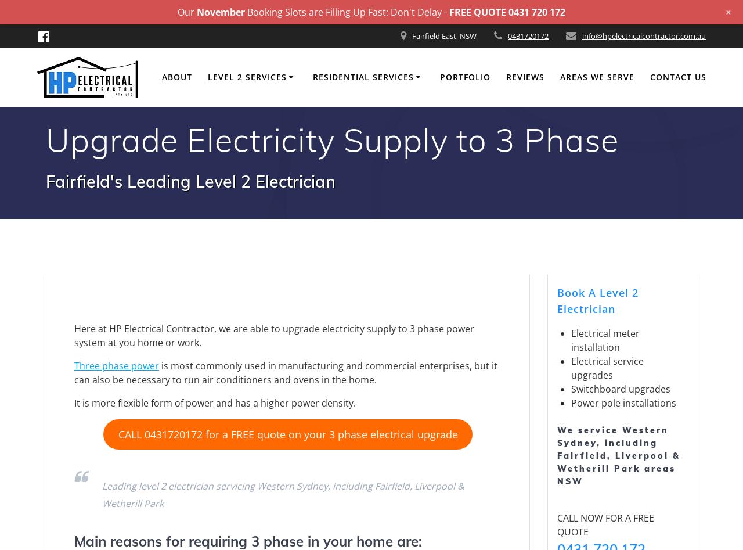 This screenshot has width=743, height=550. I want to click on 'is most commonly used in manufacturing and commercial enterprises, but it can also be necessary to run air conditioners and ovens in the home.', so click(286, 372).